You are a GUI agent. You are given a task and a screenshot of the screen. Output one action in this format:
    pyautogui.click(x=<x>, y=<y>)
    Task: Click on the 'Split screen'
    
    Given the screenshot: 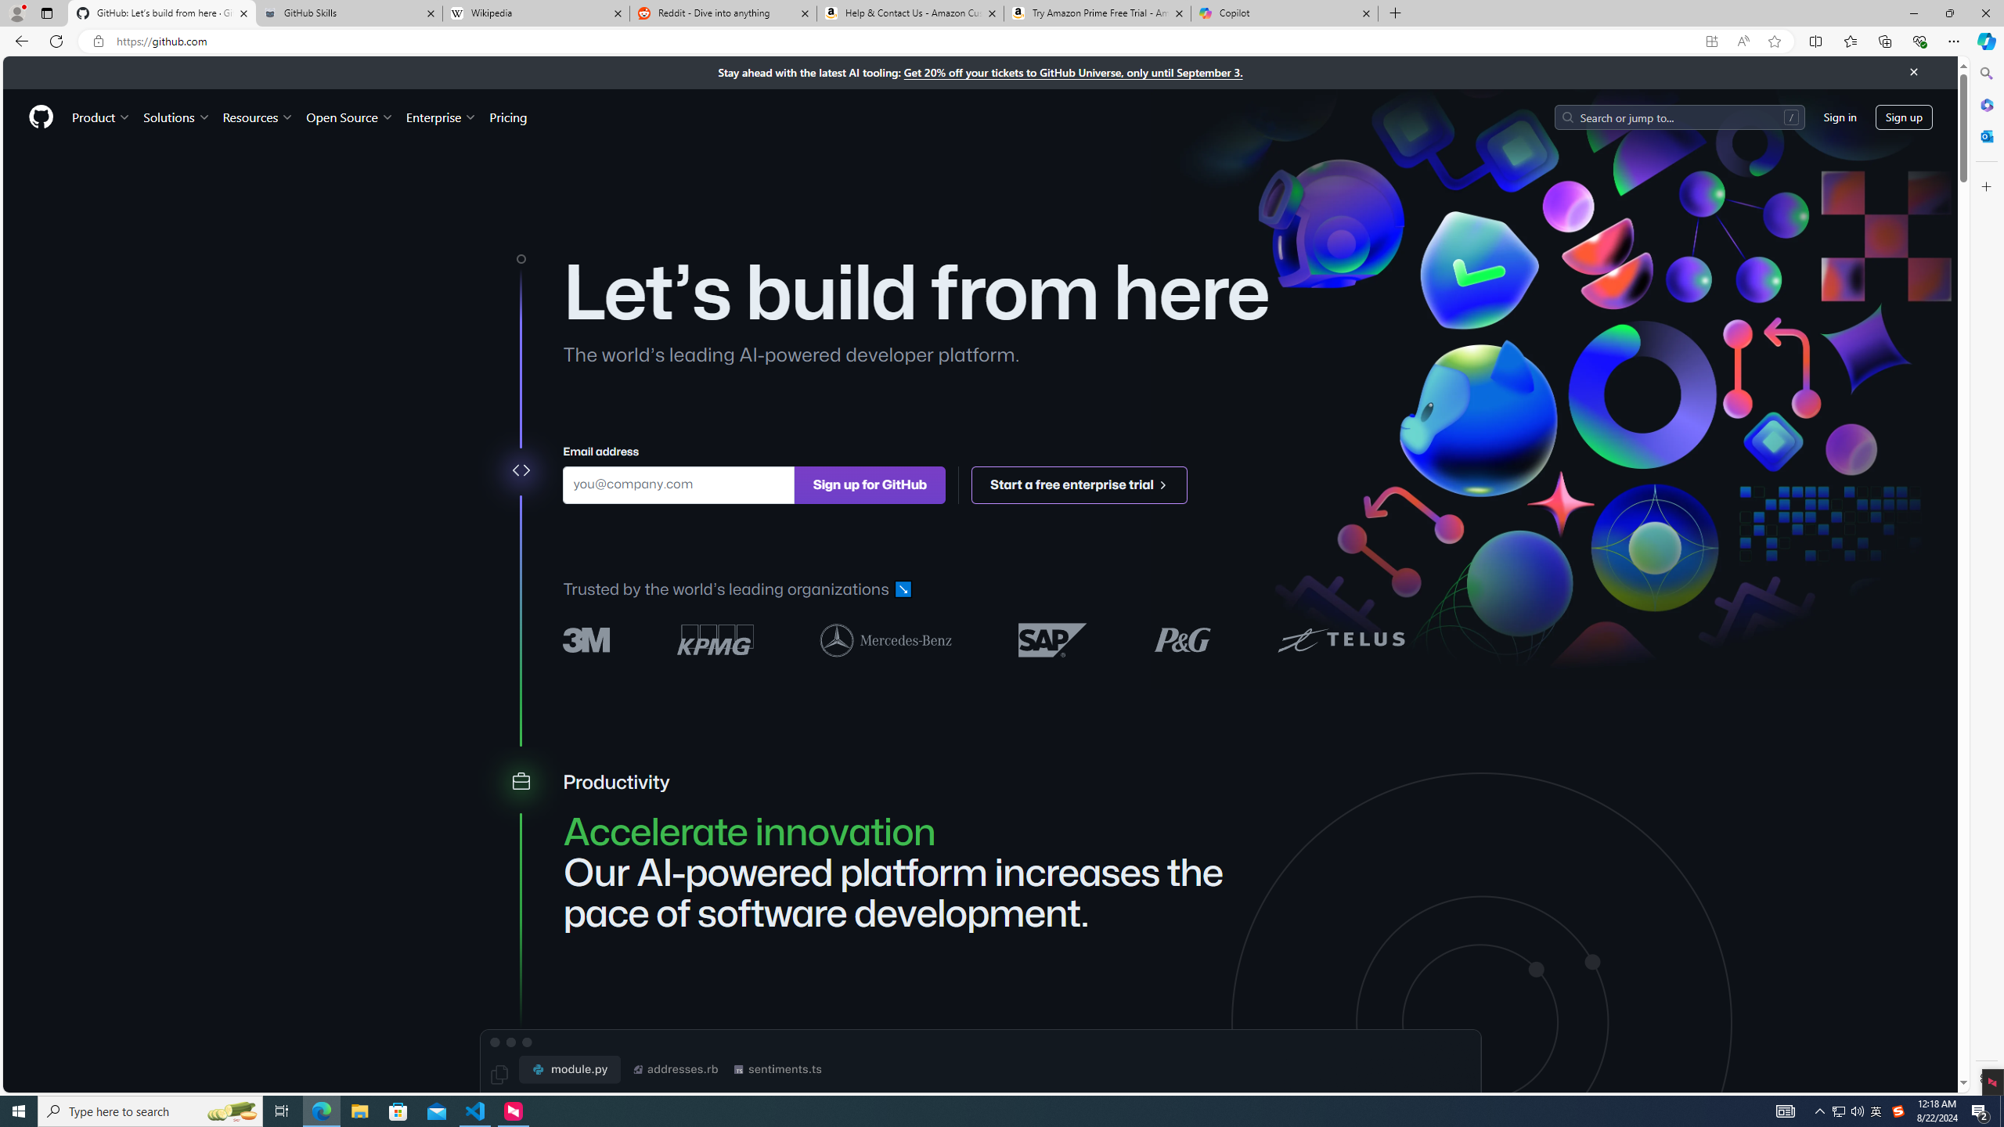 What is the action you would take?
    pyautogui.click(x=1815, y=40)
    